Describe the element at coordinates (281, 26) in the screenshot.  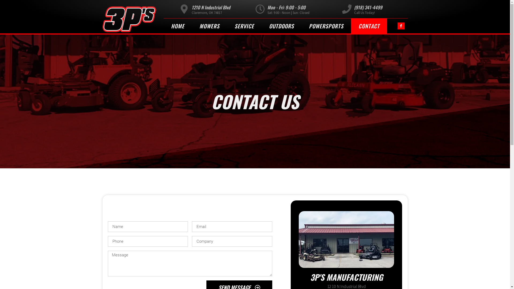
I see `'OUTDOORS'` at that location.